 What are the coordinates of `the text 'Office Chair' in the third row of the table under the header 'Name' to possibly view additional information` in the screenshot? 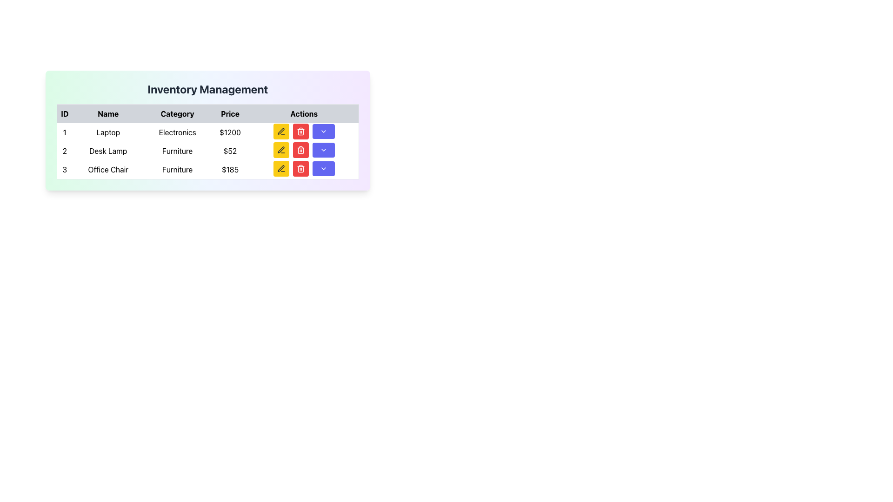 It's located at (108, 170).